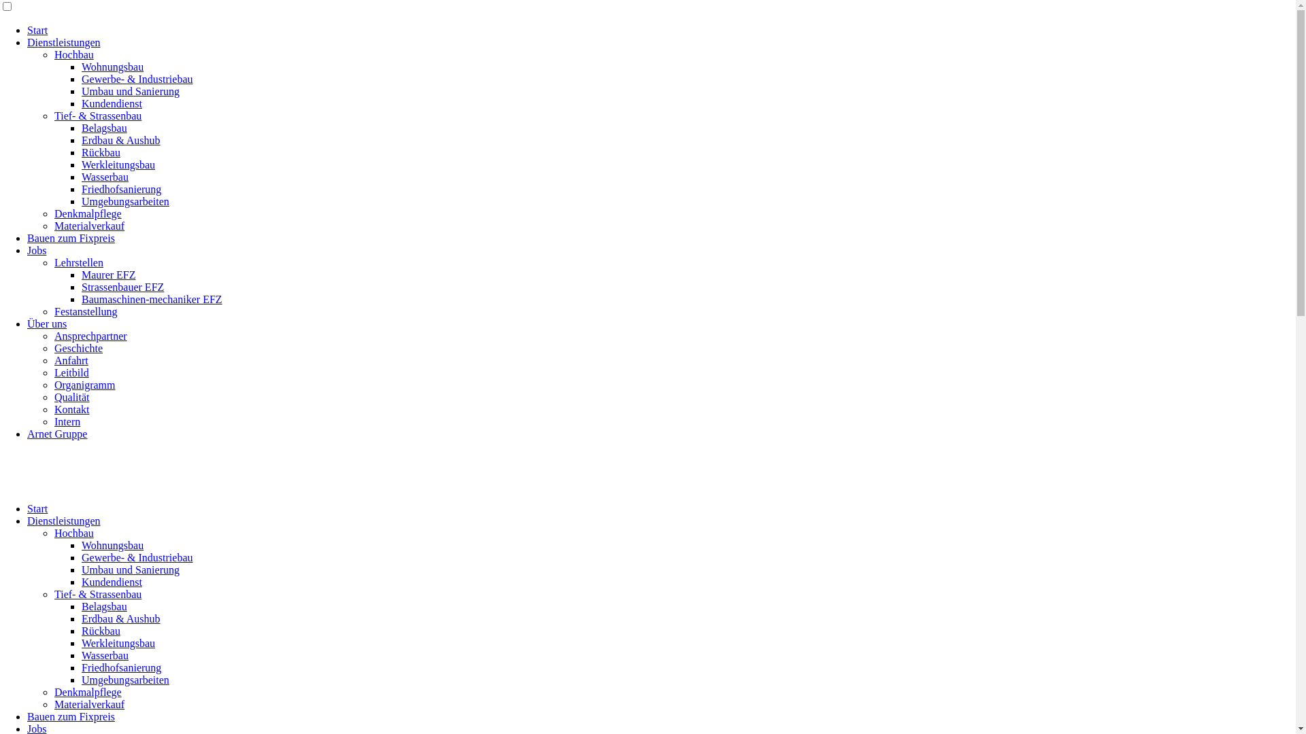  I want to click on 'Start', so click(37, 508).